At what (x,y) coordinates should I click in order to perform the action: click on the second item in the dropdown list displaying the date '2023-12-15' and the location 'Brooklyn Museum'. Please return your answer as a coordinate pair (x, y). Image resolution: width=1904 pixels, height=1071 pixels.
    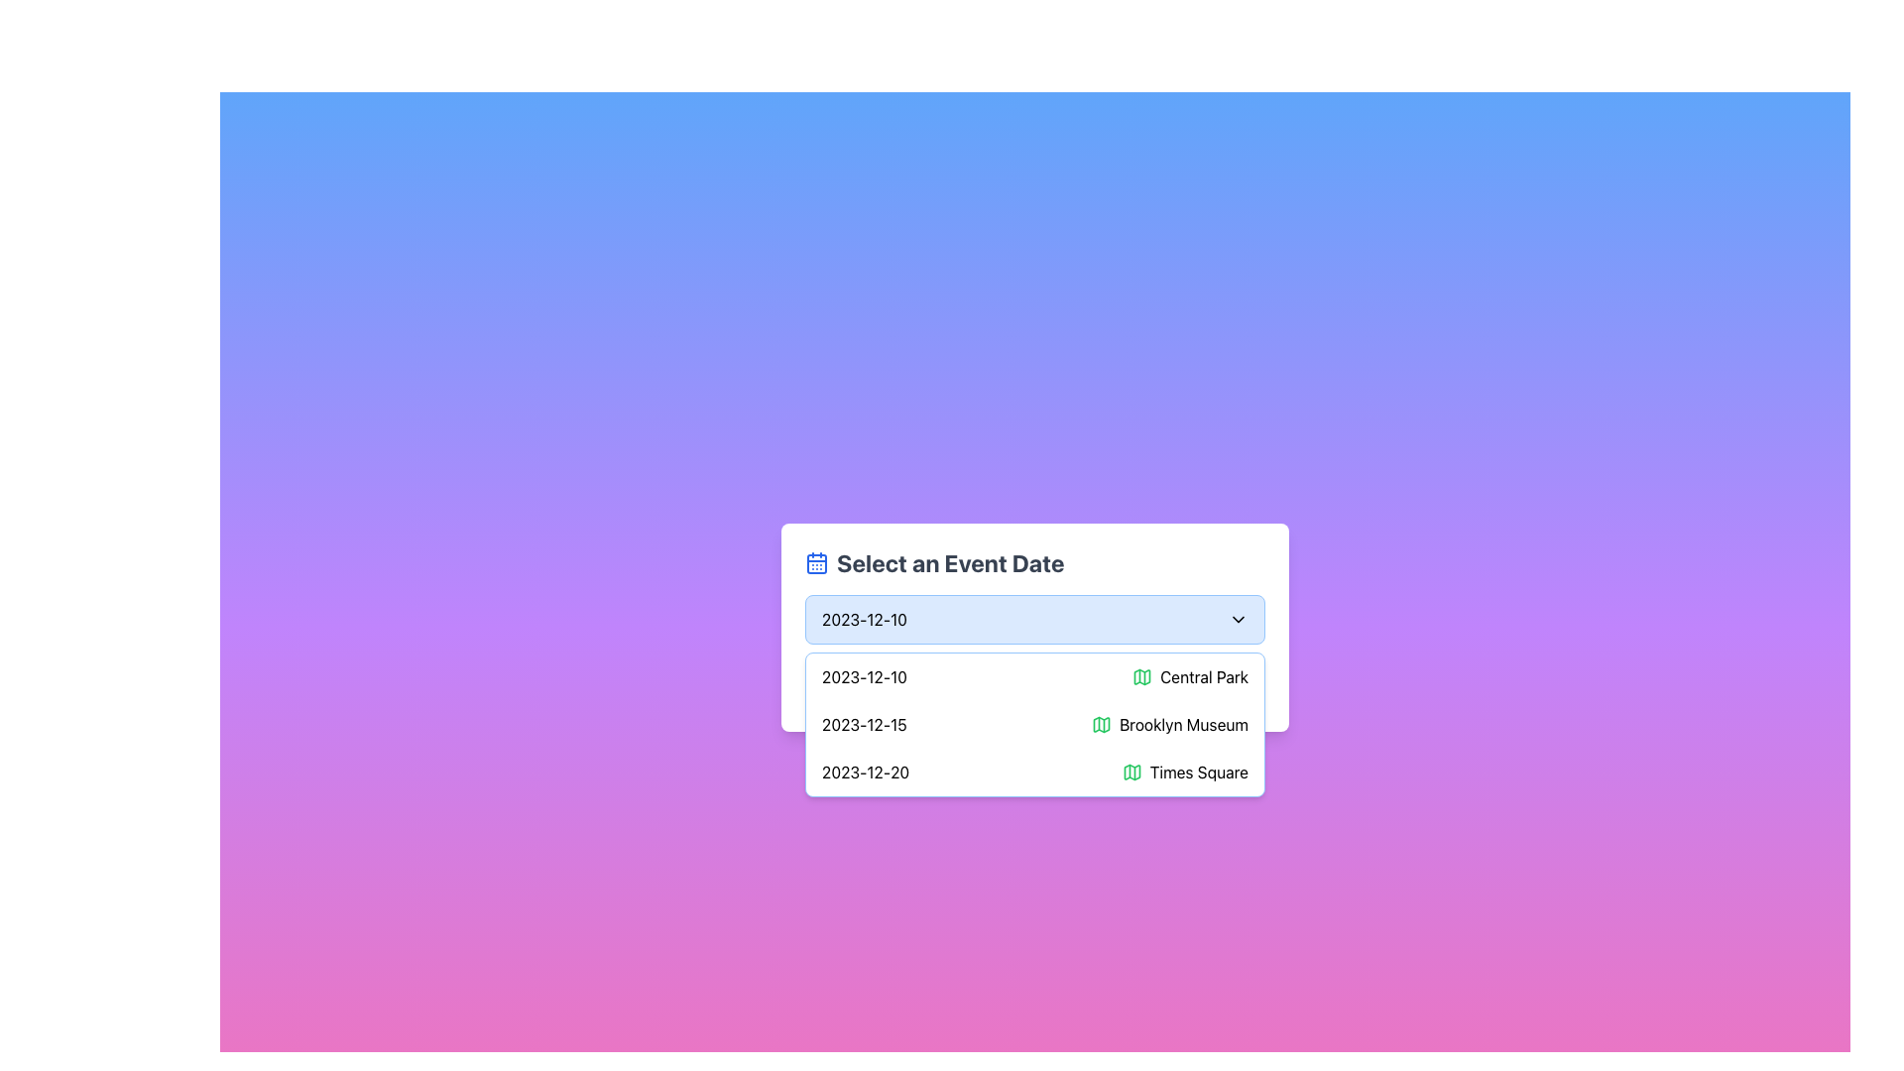
    Looking at the image, I should click on (1033, 725).